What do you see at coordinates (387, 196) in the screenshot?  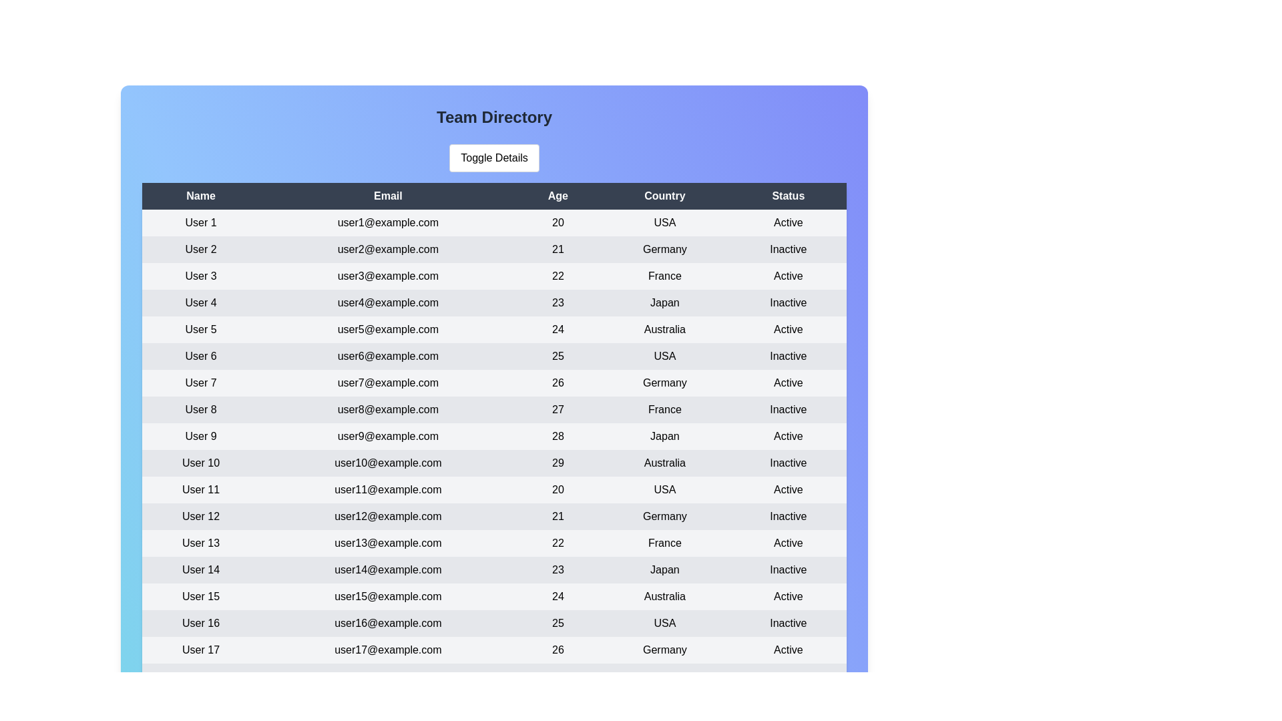 I see `the header Email to sort the table by that column` at bounding box center [387, 196].